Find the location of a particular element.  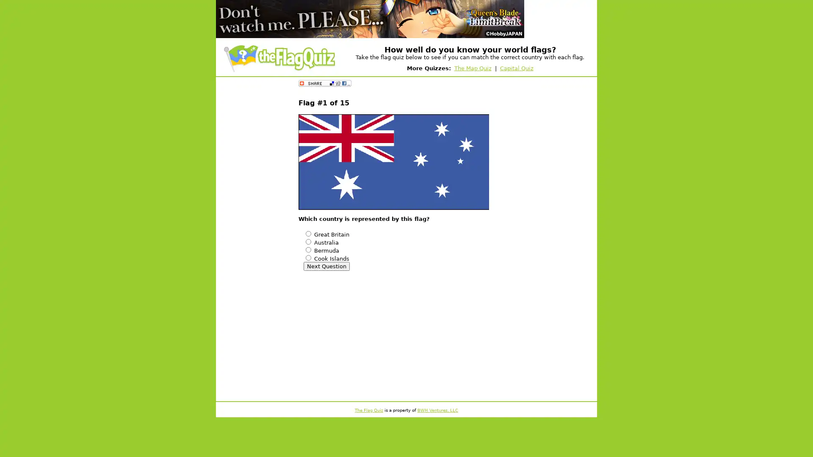

Next Question is located at coordinates (326, 266).